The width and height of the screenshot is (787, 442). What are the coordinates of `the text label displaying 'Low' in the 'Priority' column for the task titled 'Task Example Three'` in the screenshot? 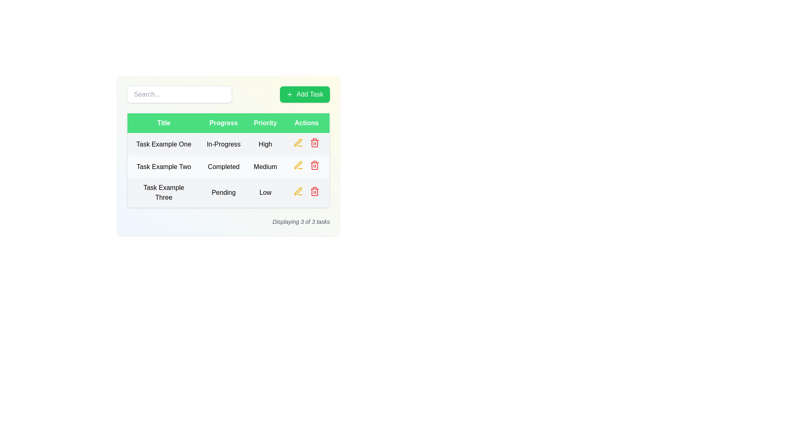 It's located at (265, 193).